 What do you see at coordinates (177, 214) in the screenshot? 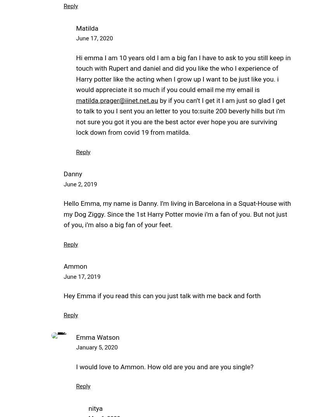
I see `'Hello Emma, my name is  Danny. I’m living in Barcelona in a Squat-House with my Dog Ziggy. Since the 1st Harry Potter movie i’m a fan of you. But not just of you, i’m also a big fan of your feet.'` at bounding box center [177, 214].